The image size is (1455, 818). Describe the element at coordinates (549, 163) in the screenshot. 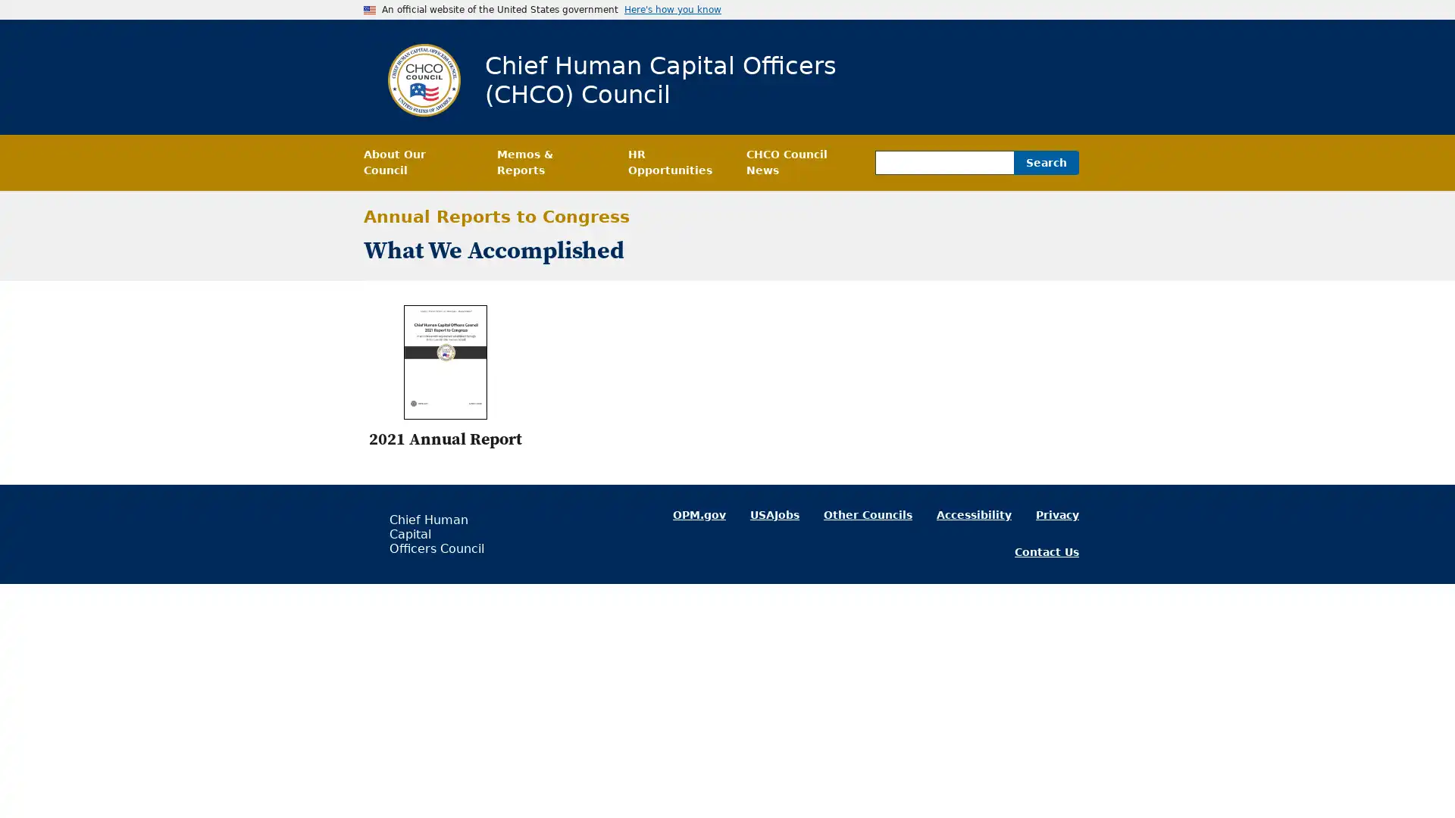

I see `Memos & Reports` at that location.